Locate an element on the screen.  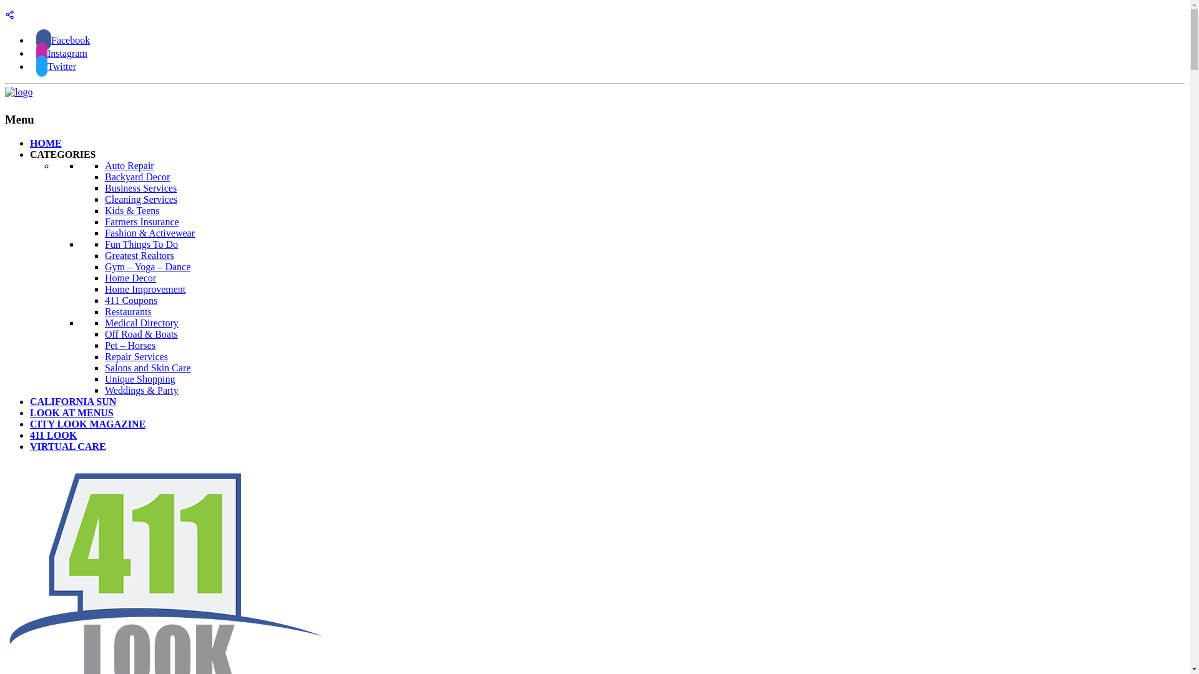
'Off Road & Boats' is located at coordinates (141, 333).